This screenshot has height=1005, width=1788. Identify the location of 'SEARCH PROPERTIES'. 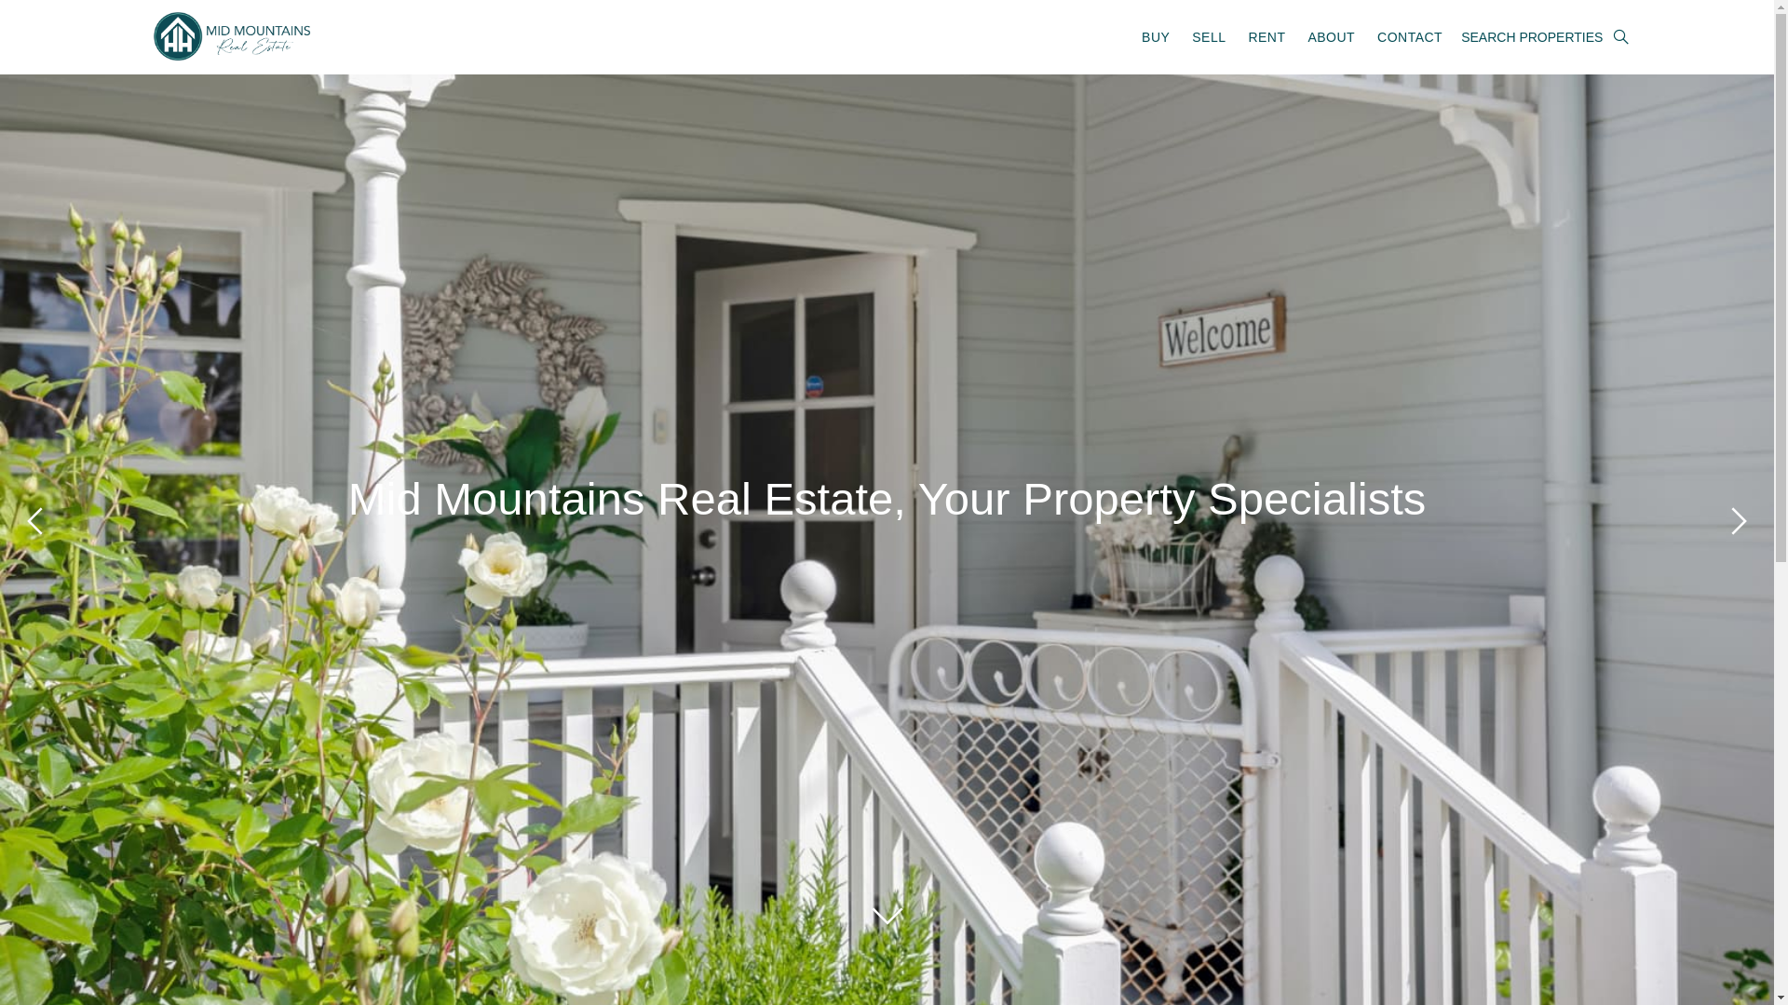
(1541, 36).